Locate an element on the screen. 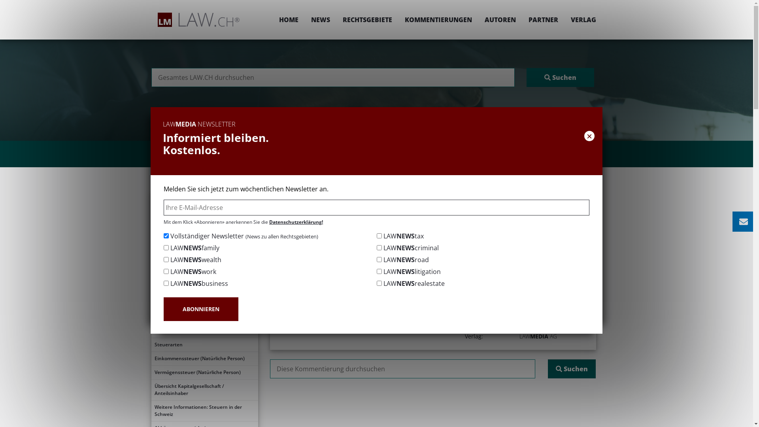  'Abgrenzungen' is located at coordinates (204, 303).